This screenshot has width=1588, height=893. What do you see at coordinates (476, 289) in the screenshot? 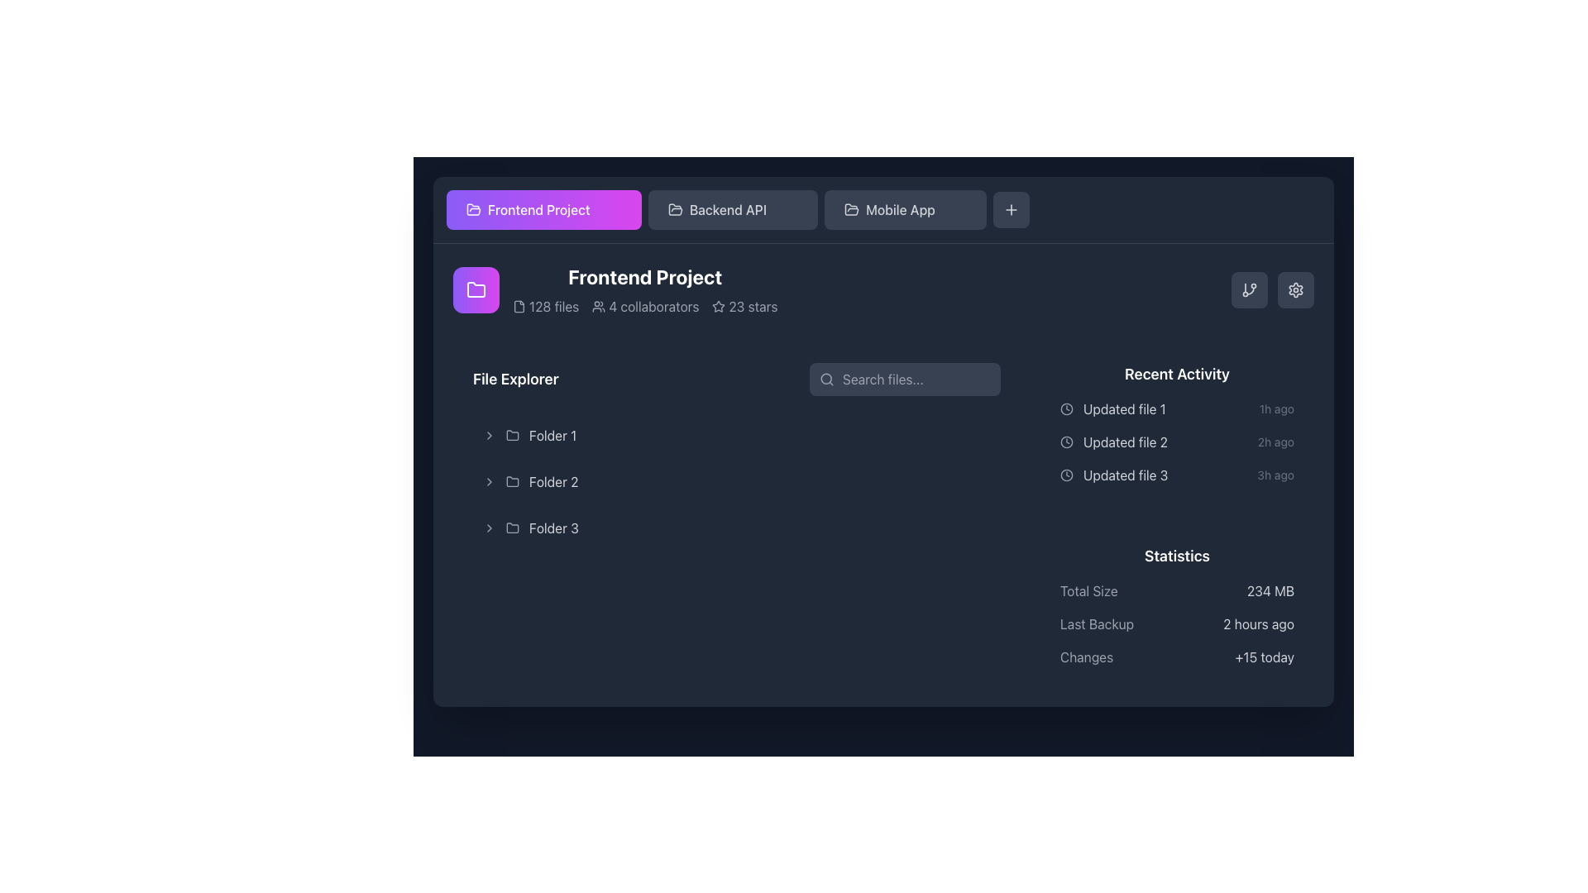
I see `the folder icon that visually represents a project section, located above the text indicating 'Frontend Project'` at bounding box center [476, 289].